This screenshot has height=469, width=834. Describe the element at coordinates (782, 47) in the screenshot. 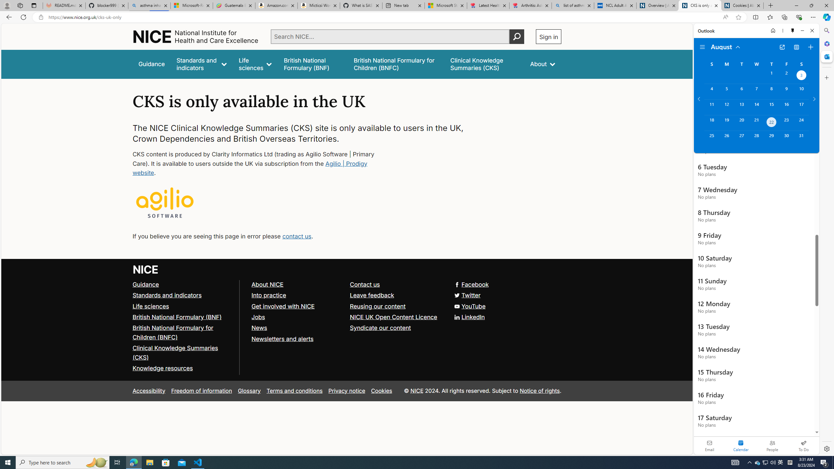

I see `'Open in new tab'` at that location.